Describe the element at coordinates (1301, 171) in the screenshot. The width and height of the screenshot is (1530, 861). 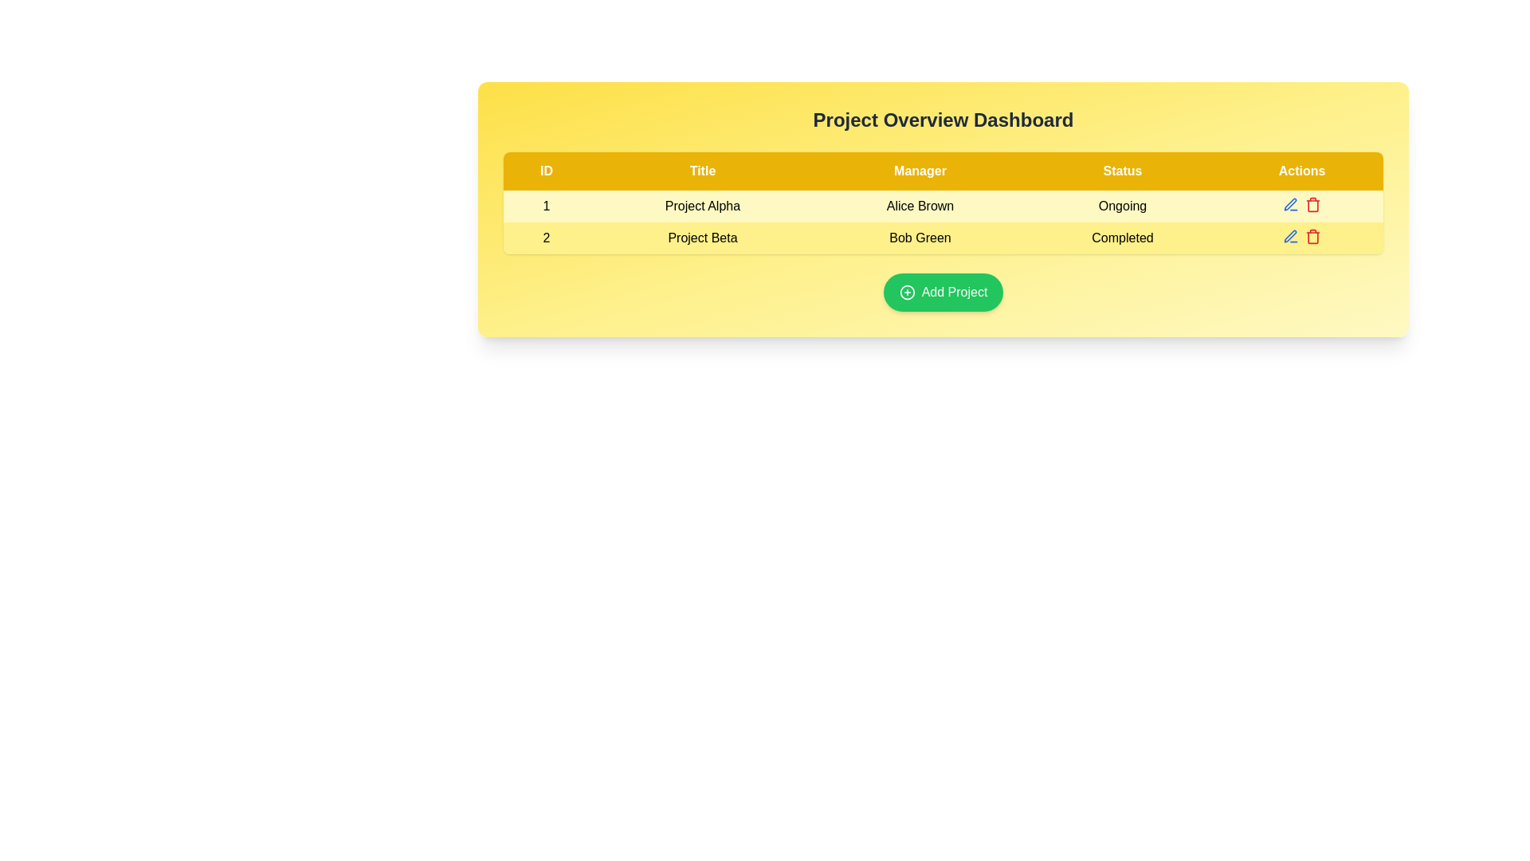
I see `the table column header labeled 'Actions', which is the fifth column header styled in bold with a yellow background` at that location.